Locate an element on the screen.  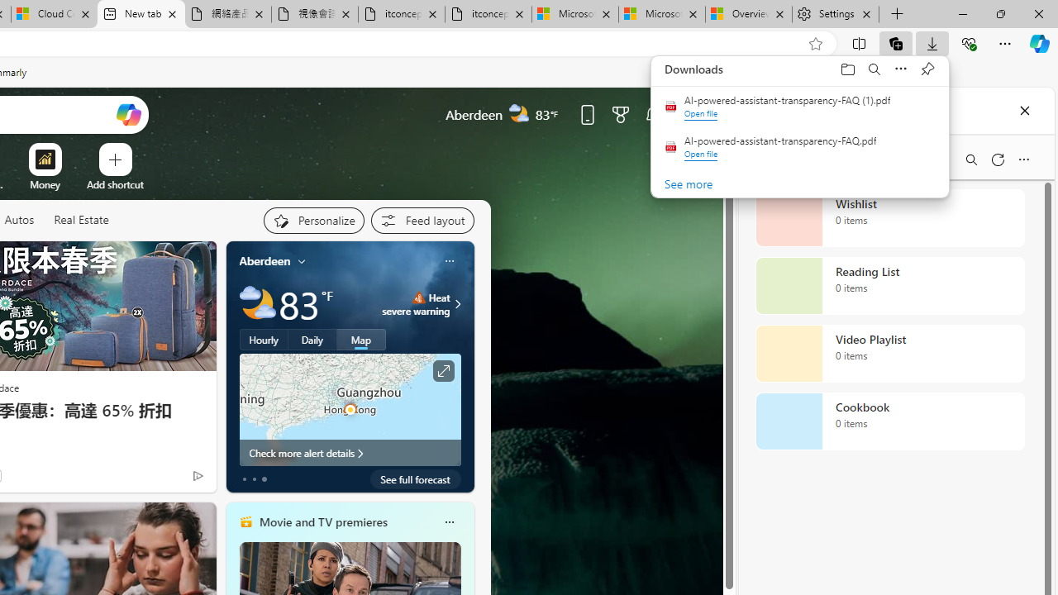
'Heat - Severe Heat severe warning' is located at coordinates (416, 303).